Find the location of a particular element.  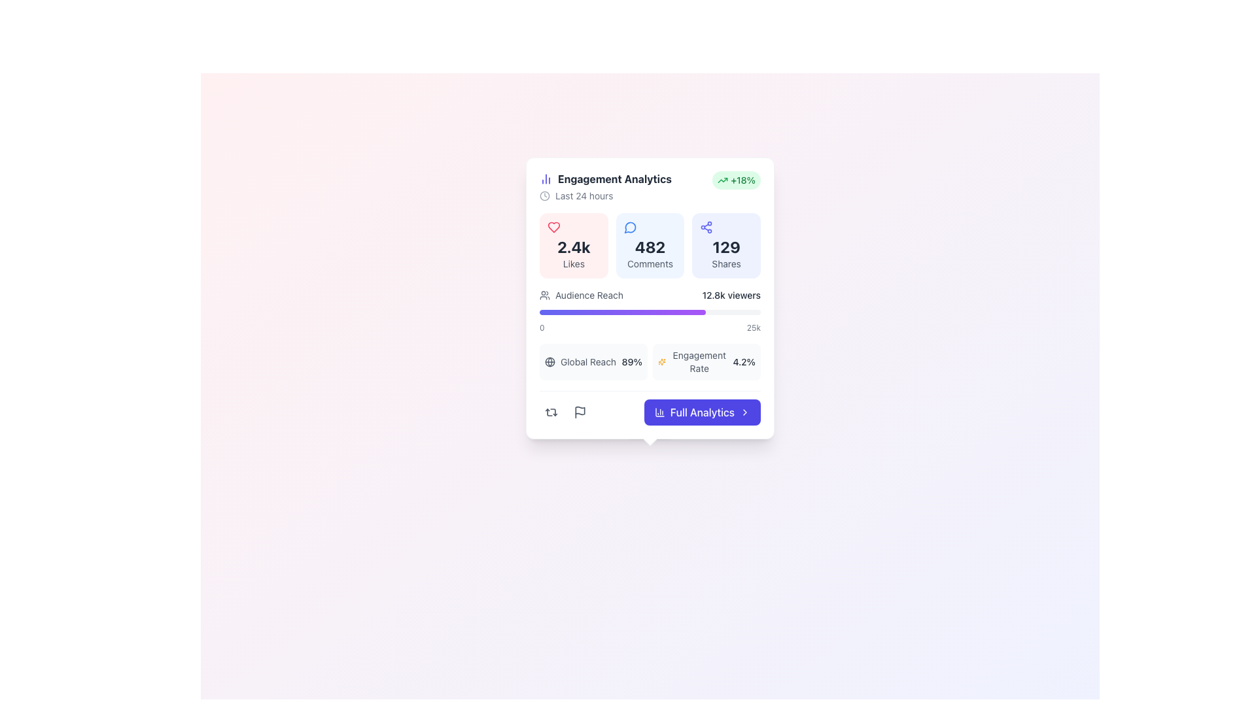

the Information card which is a rounded rectangle with a light blue background containing a speech bubble icon, the number '482' in bold black text, and the word 'Comments' in smaller gray text, positioned centrally between the '2.4k Likes' and '129 Shares' cards is located at coordinates (650, 245).